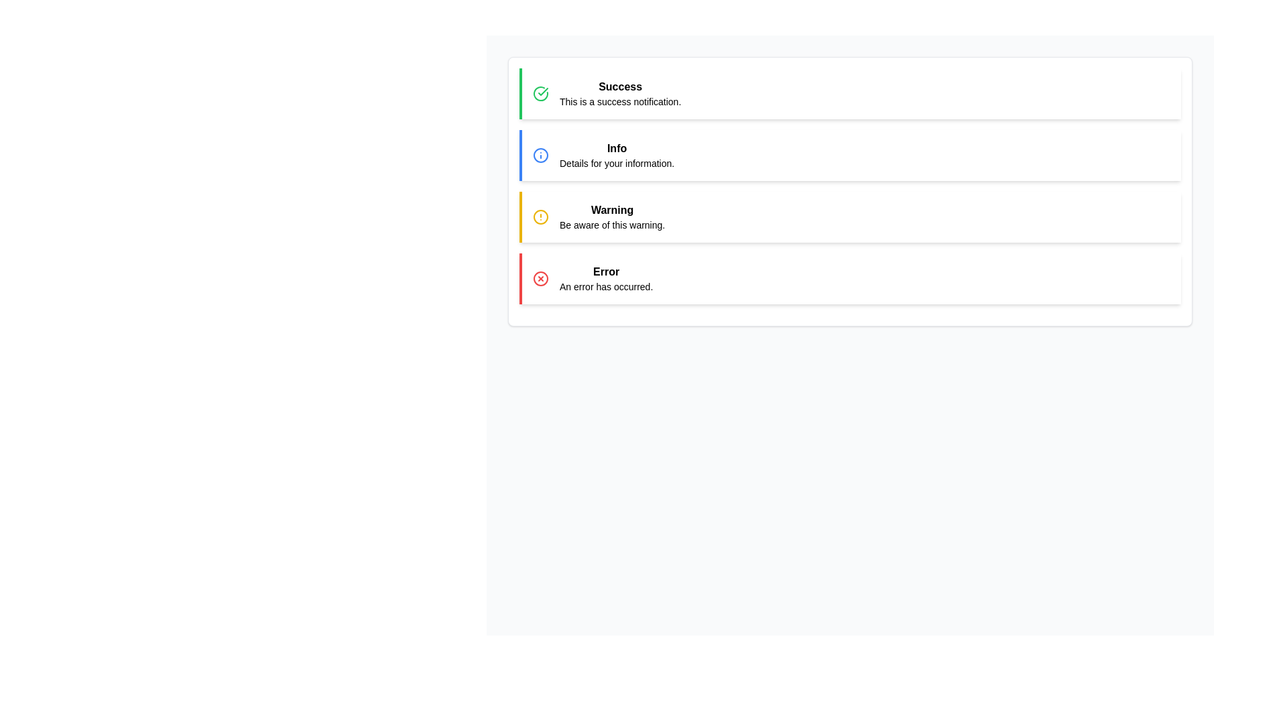 Image resolution: width=1287 pixels, height=724 pixels. I want to click on the leftmost icon in the second notification card labeled 'Info' to signify that the following text pertains to information, so click(540, 154).